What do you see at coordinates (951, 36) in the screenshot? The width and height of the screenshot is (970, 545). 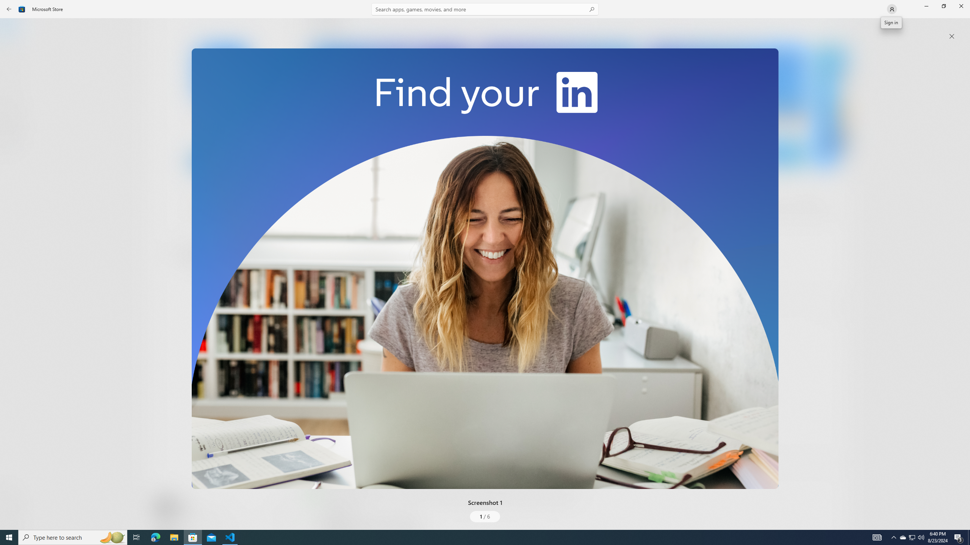 I see `'close popup window'` at bounding box center [951, 36].